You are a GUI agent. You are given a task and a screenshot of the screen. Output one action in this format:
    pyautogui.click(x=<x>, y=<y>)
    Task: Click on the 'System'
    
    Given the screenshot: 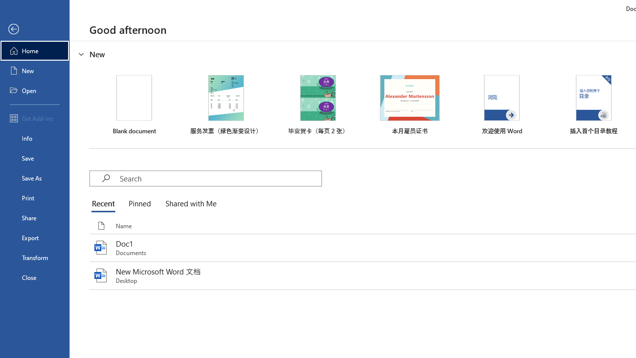 What is the action you would take?
    pyautogui.click(x=5, y=5)
    